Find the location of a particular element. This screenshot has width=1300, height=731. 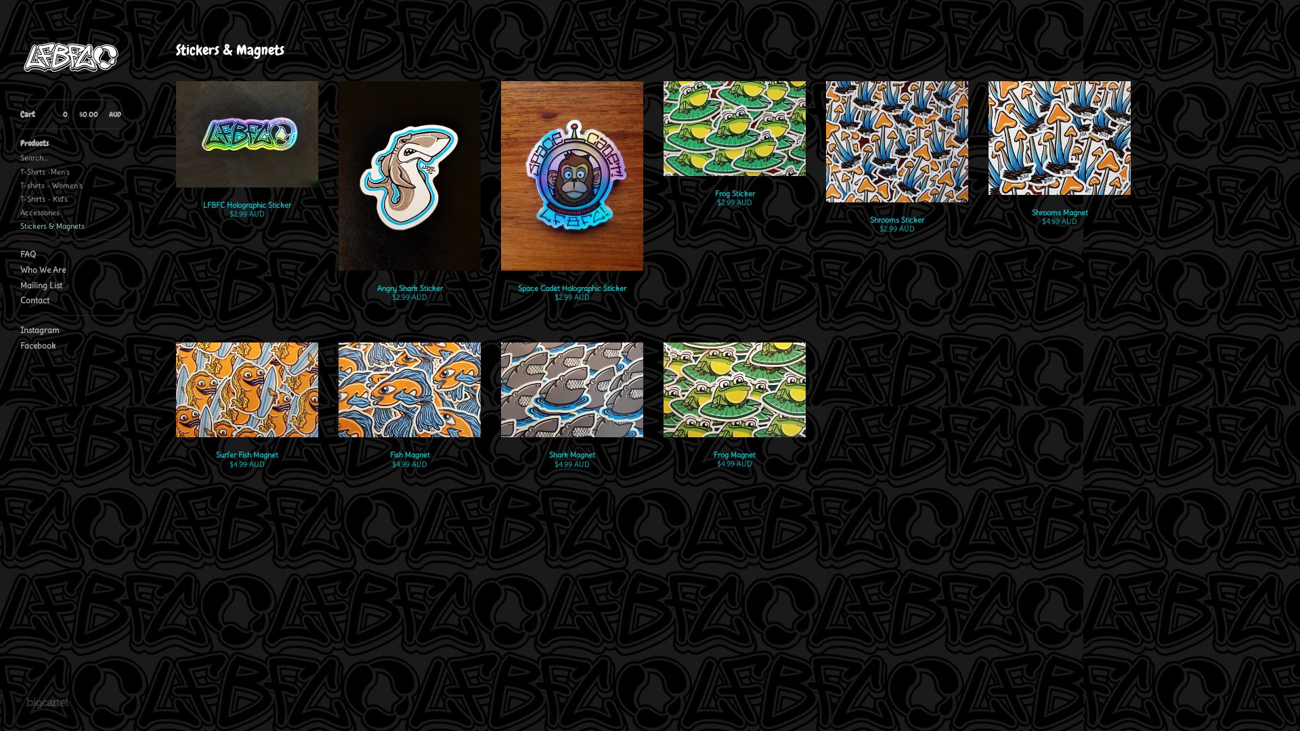

'Surfer Fish Magnet is located at coordinates (246, 414).